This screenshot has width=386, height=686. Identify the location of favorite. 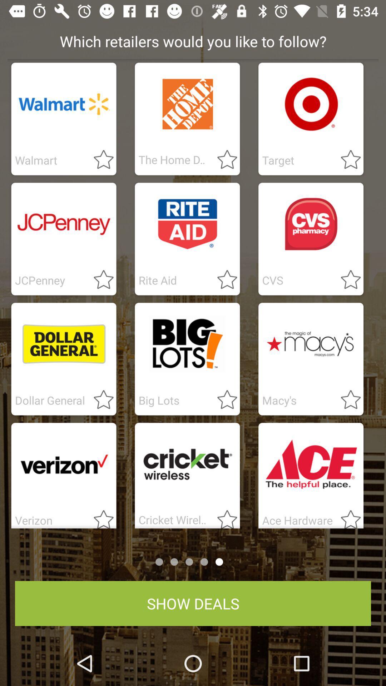
(346, 517).